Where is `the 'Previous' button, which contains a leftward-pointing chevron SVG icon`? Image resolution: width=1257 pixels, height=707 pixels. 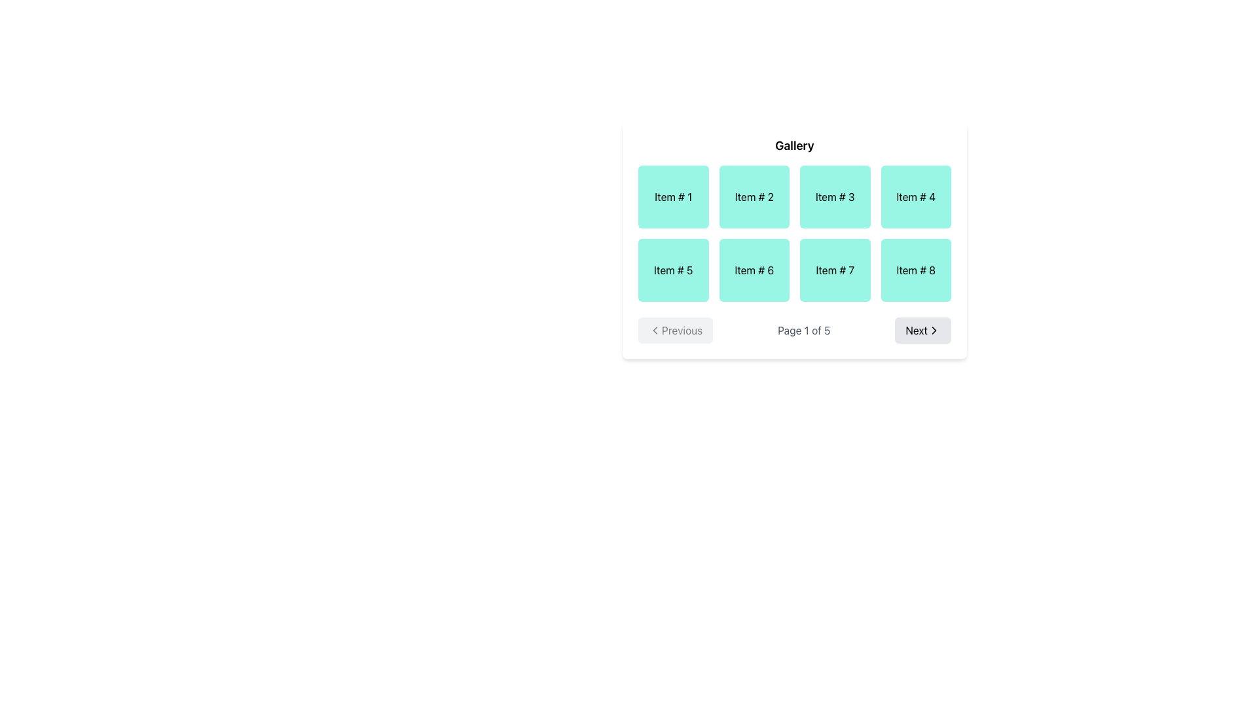
the 'Previous' button, which contains a leftward-pointing chevron SVG icon is located at coordinates (655, 330).